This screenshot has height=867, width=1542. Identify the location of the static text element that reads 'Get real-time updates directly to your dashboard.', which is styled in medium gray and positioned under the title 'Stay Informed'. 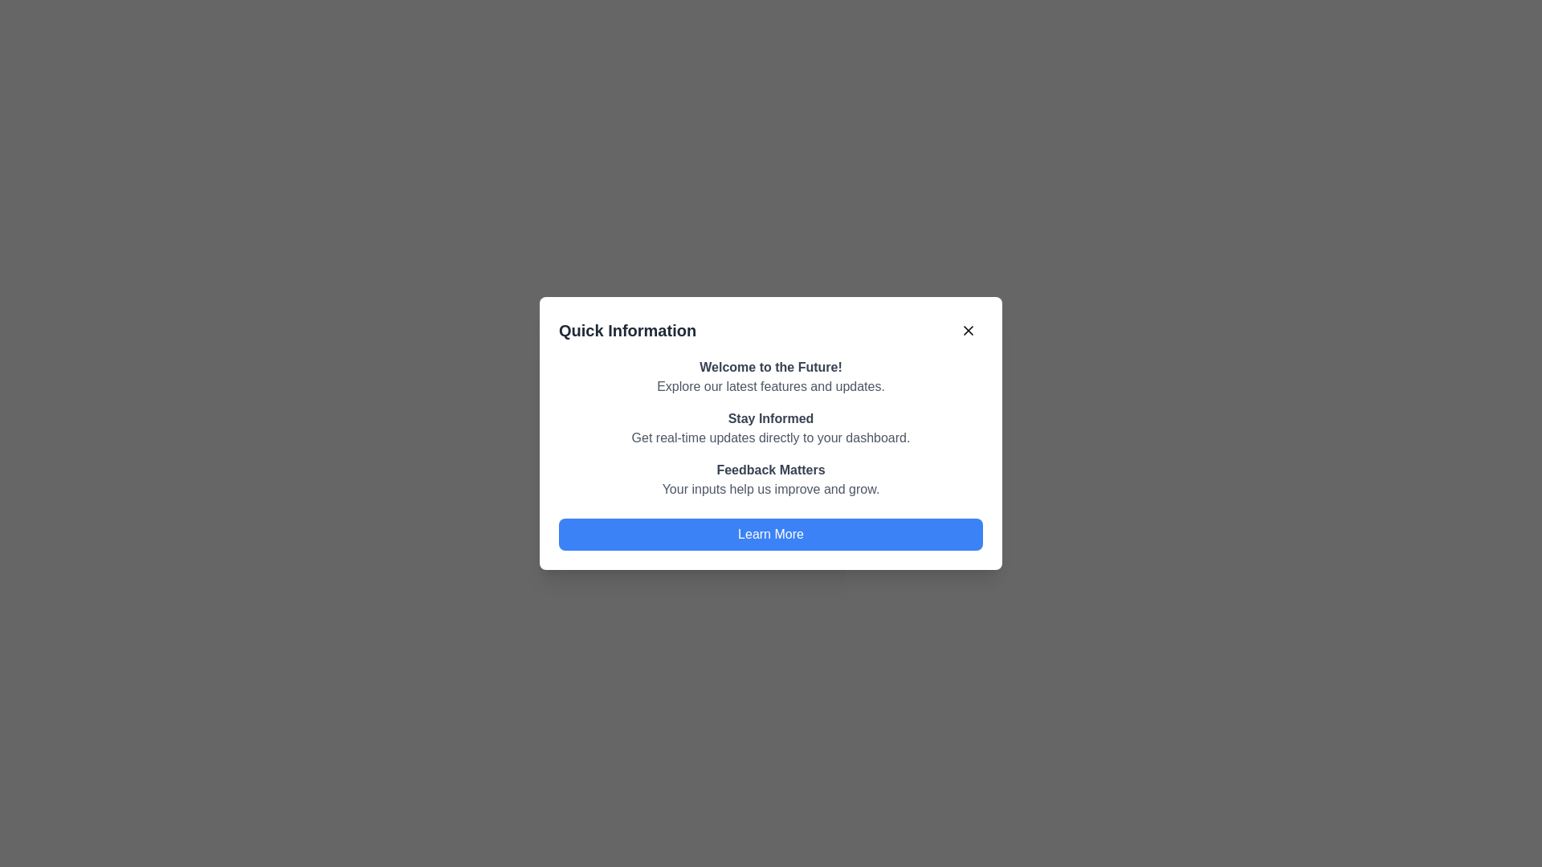
(771, 438).